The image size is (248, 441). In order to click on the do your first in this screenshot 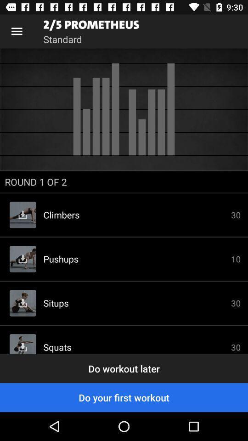, I will do `click(124, 397)`.